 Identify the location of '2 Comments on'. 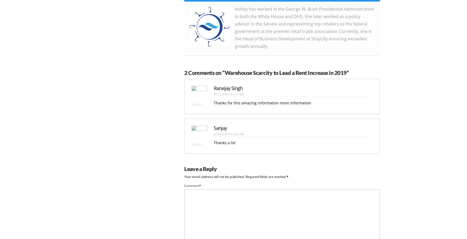
(203, 72).